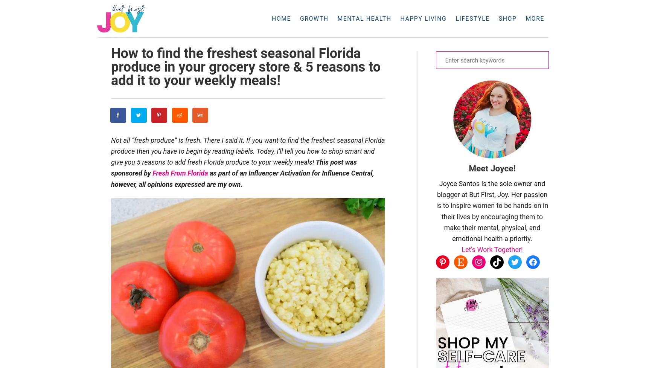 The width and height of the screenshot is (646, 368). I want to click on 'Fun', so click(472, 38).